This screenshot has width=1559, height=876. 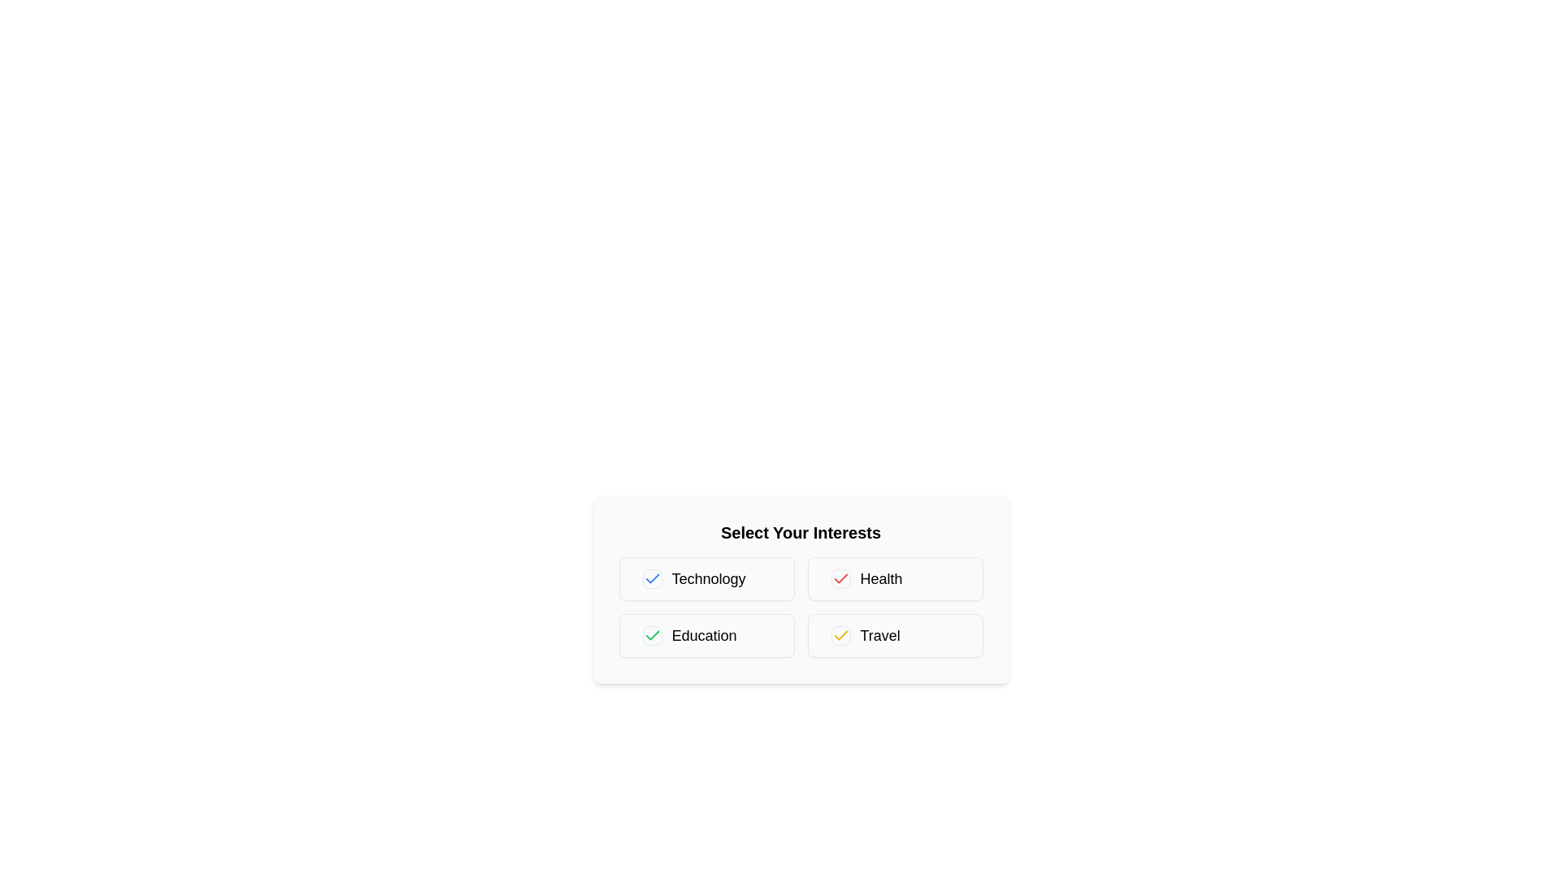 What do you see at coordinates (706, 634) in the screenshot?
I see `the label of the category Education to select it` at bounding box center [706, 634].